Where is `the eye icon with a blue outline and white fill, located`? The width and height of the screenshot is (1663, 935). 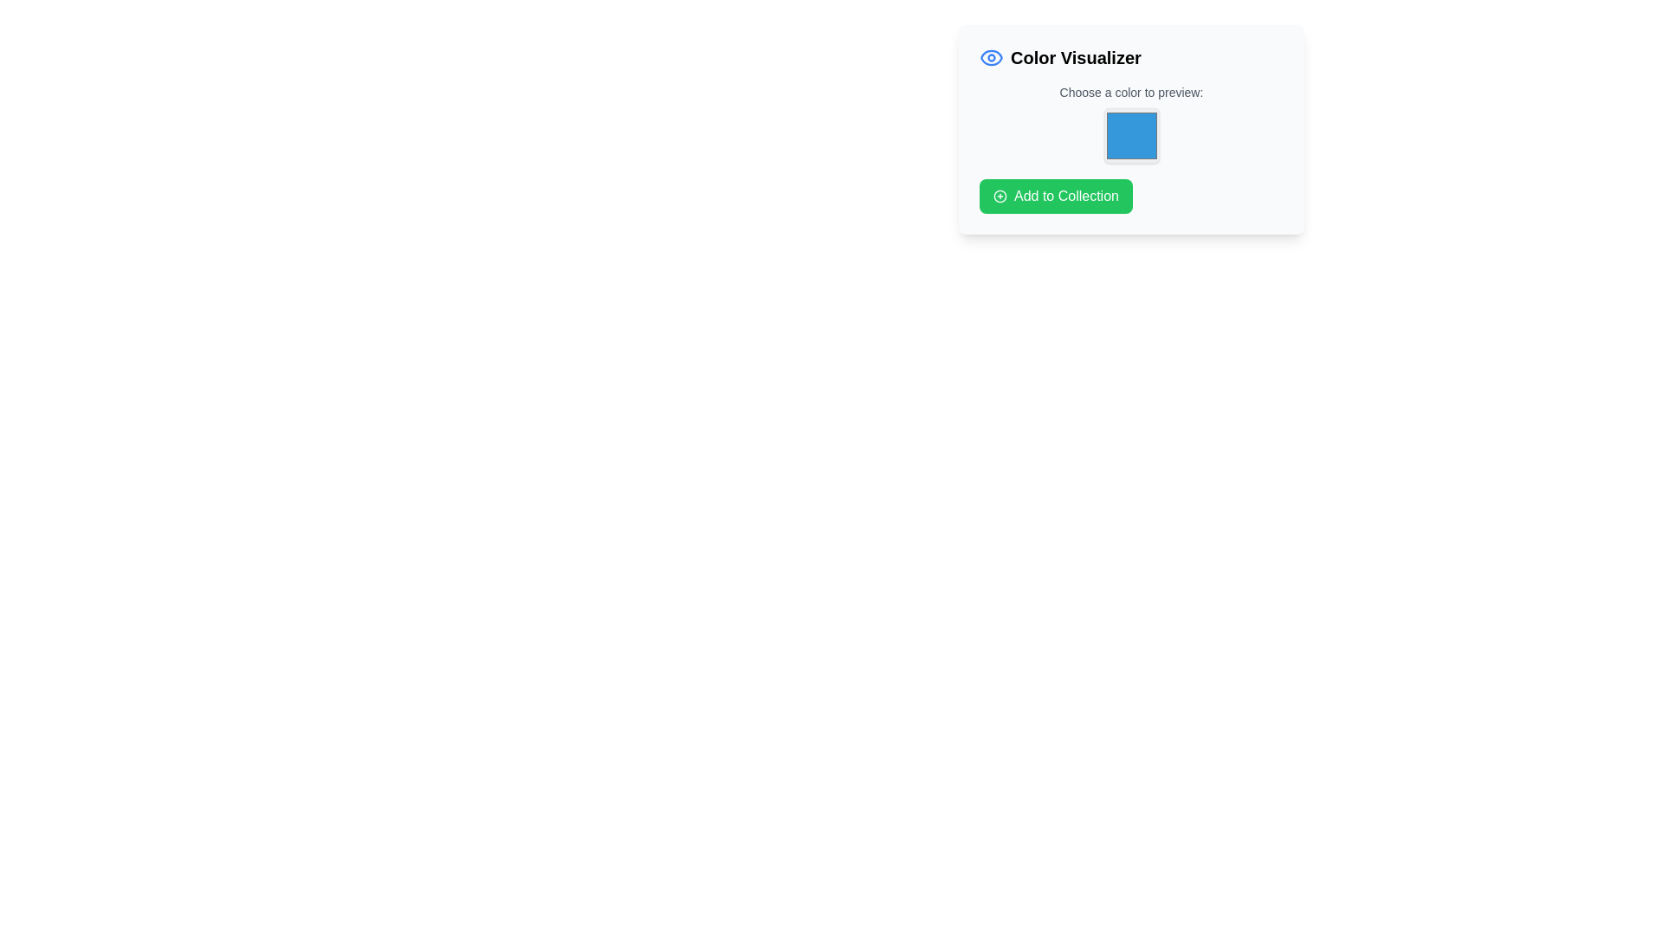 the eye icon with a blue outline and white fill, located is located at coordinates (992, 56).